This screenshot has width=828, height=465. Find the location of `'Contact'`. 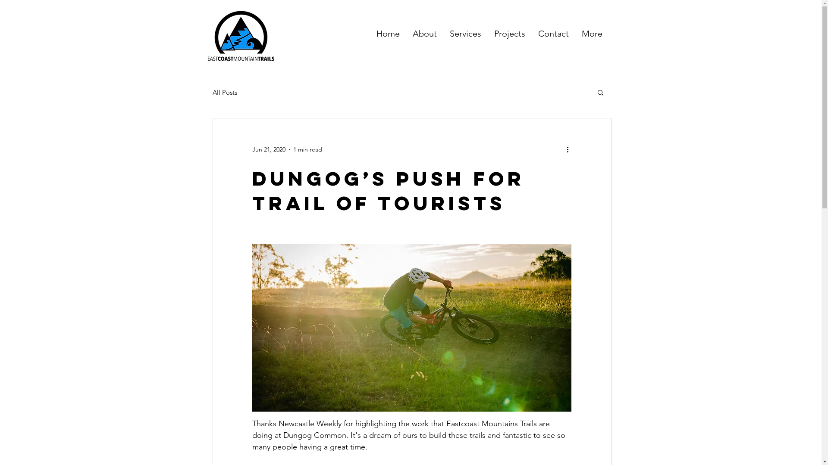

'Contact' is located at coordinates (531, 33).